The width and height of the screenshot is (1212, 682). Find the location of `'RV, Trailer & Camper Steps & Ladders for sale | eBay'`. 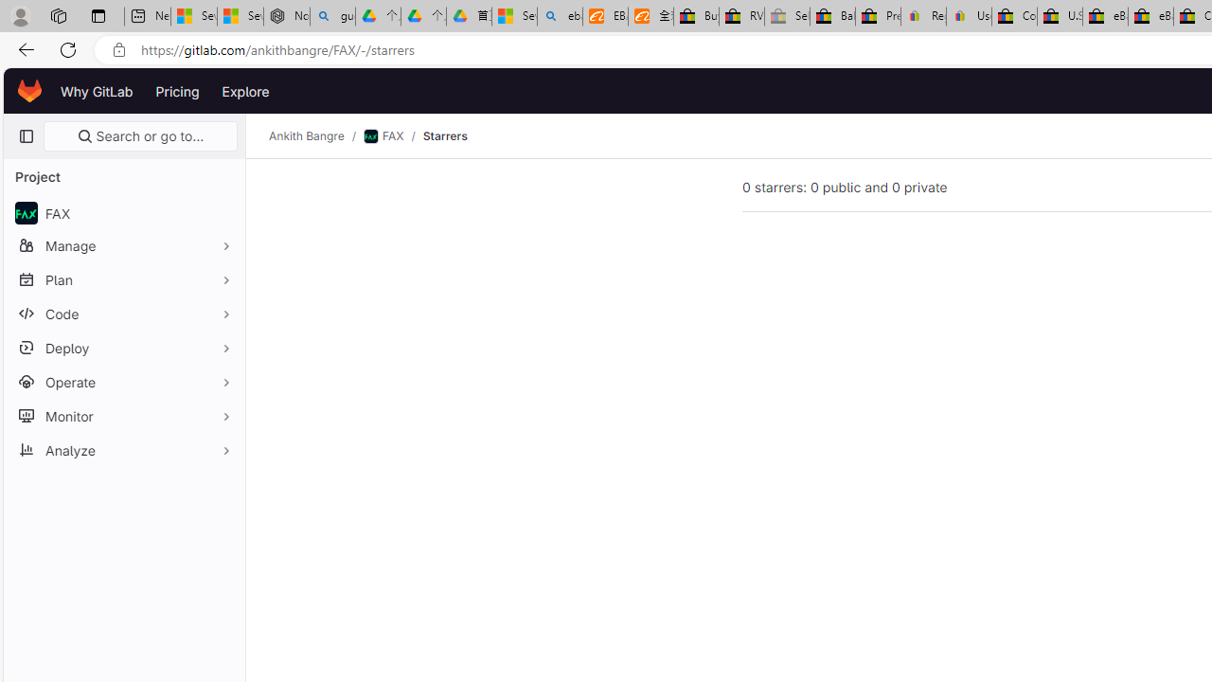

'RV, Trailer & Camper Steps & Ladders for sale | eBay' is located at coordinates (741, 16).